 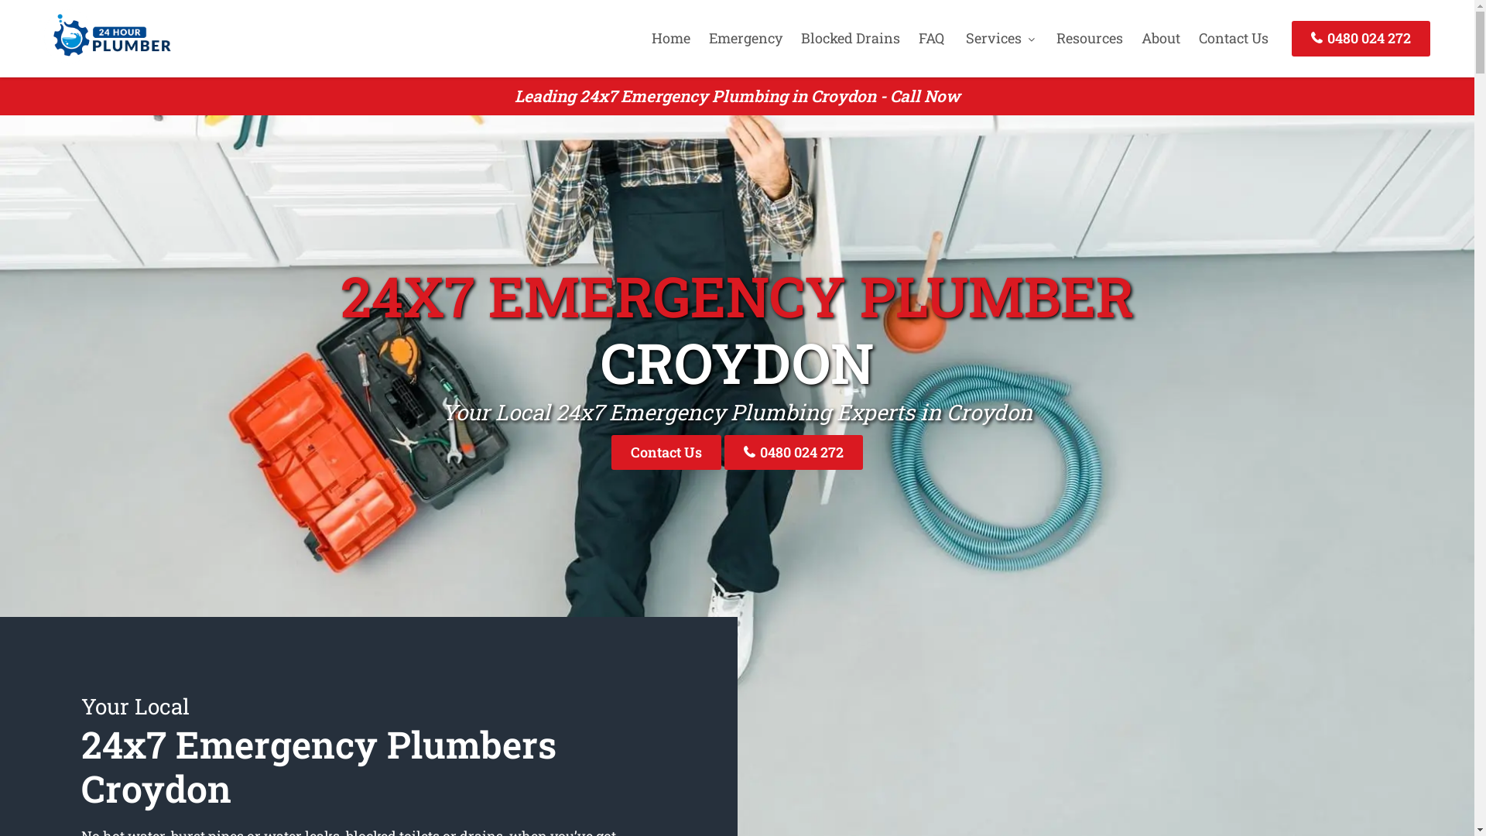 I want to click on '0480 024 272', so click(x=793, y=452).